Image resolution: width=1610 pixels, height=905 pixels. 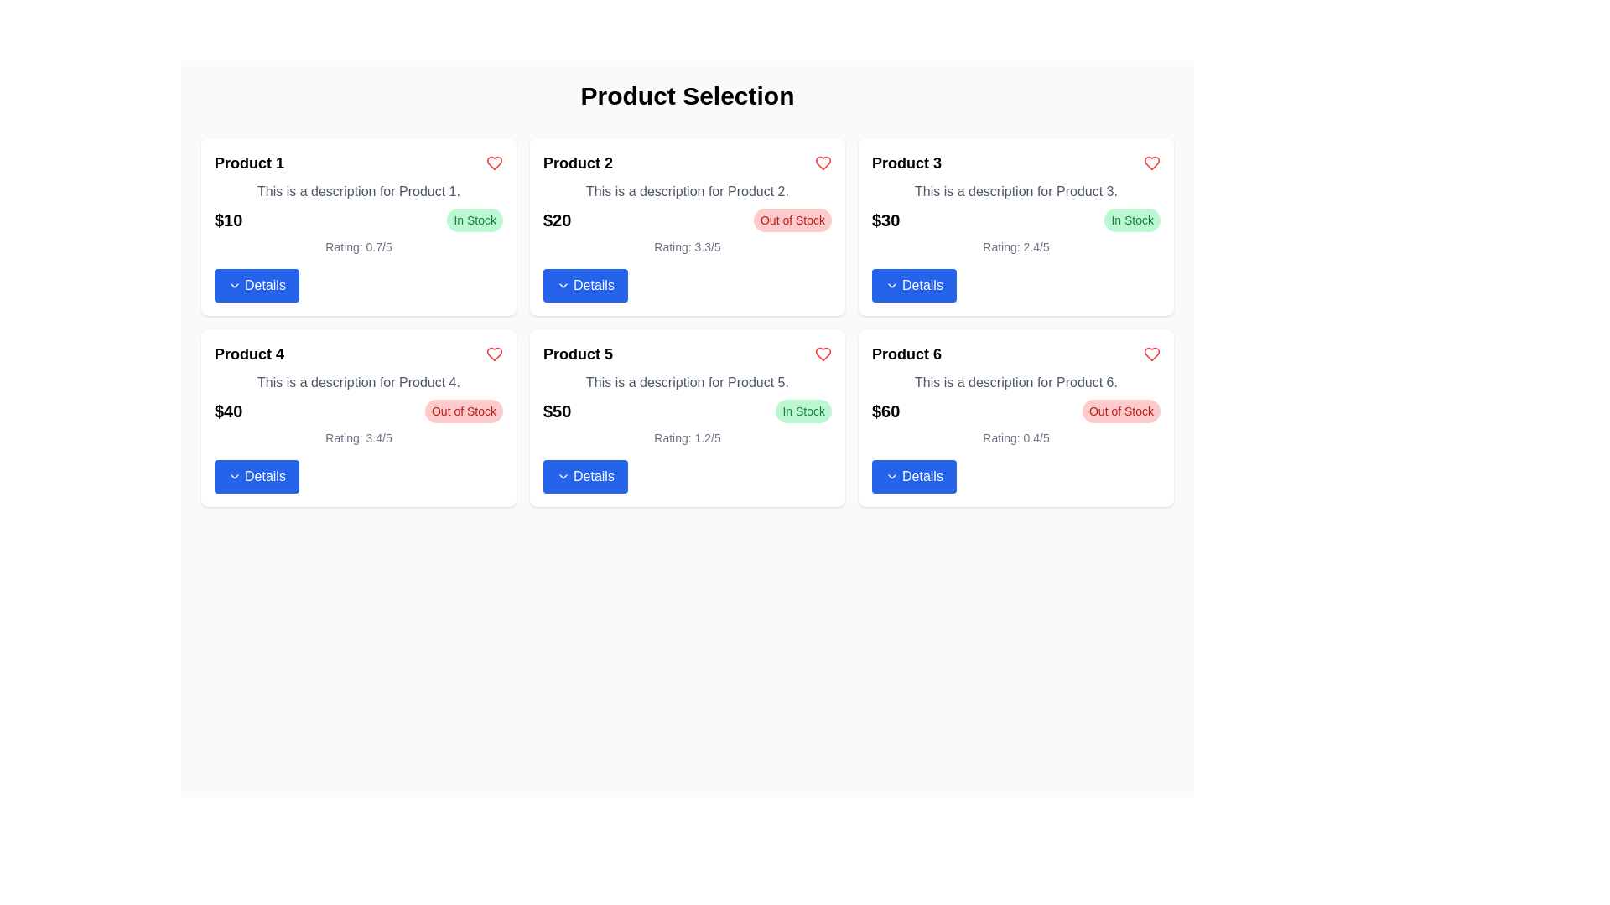 I want to click on the 'Product 6' card element, which features a title, description, price, an 'Out of Stock' badge, a rating, and a 'Details' button at the bottom, so click(x=1015, y=416).